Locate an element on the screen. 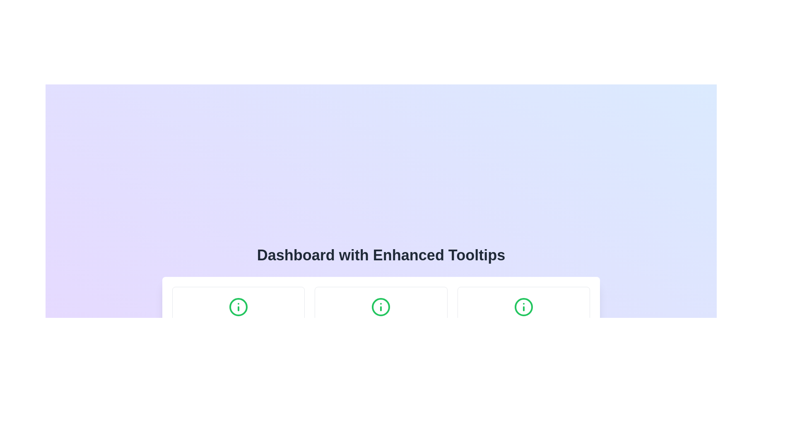 This screenshot has width=795, height=447. the informational icon located at the top center of the 'Profile Settings' box is located at coordinates (238, 307).